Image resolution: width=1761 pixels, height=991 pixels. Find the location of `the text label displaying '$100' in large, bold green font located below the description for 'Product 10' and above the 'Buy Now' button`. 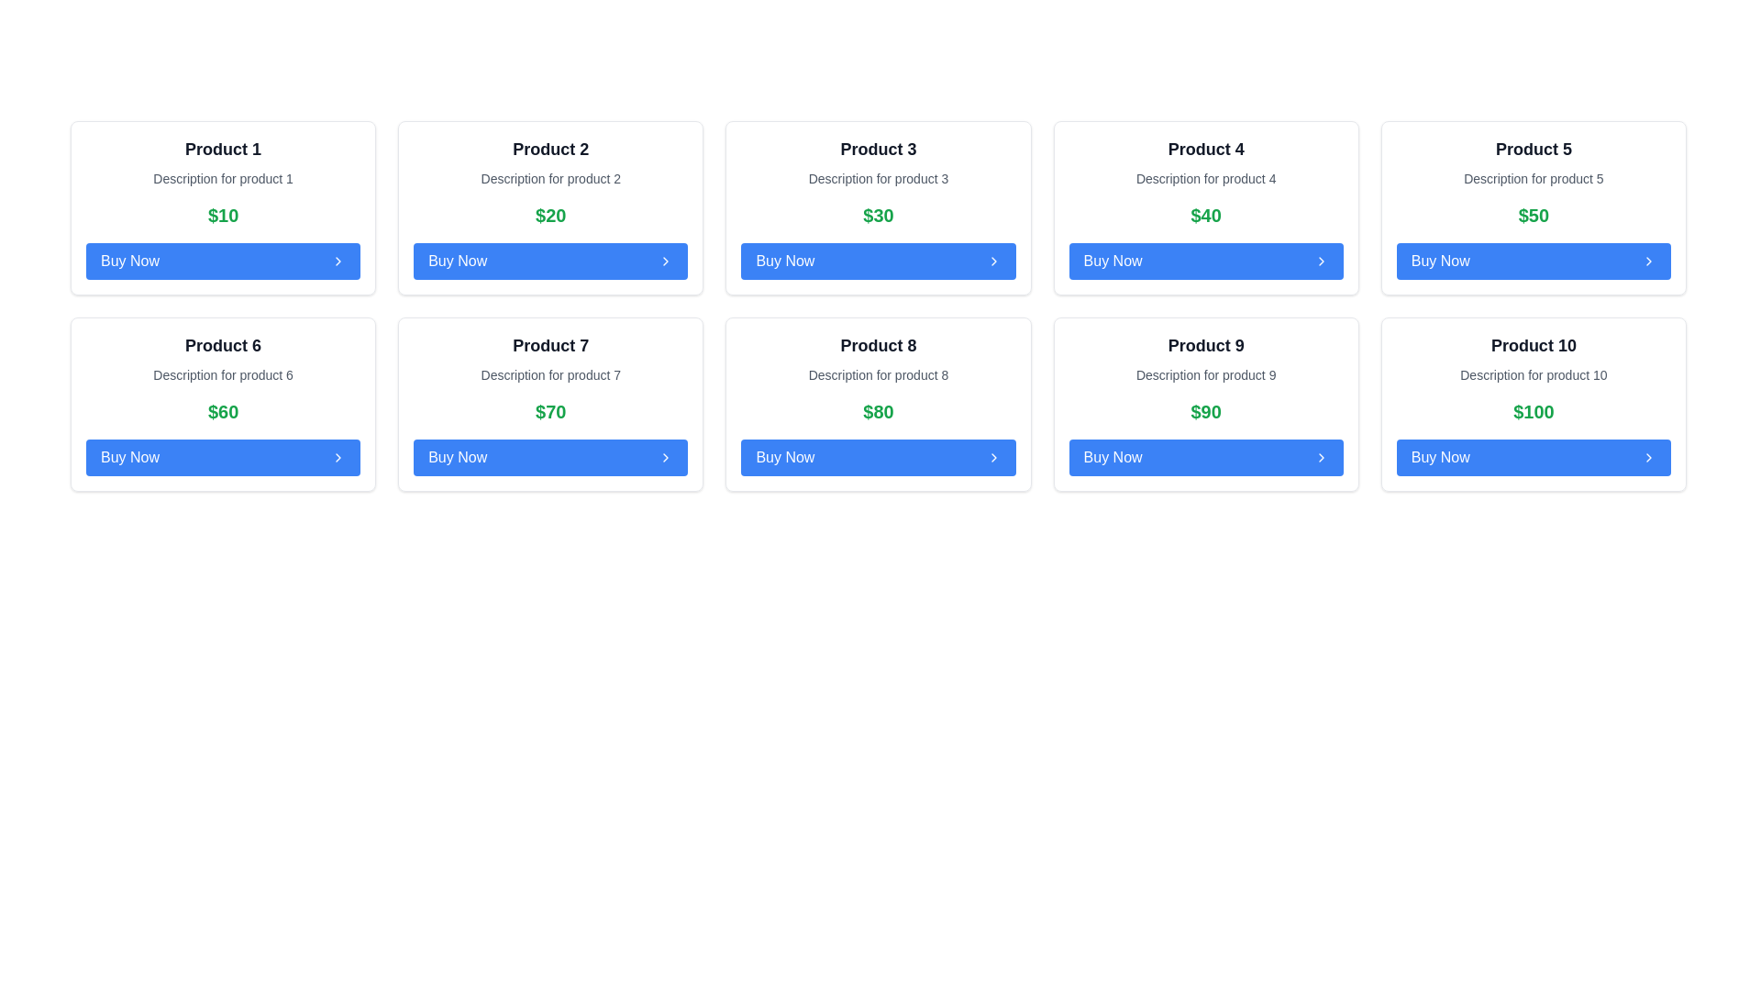

the text label displaying '$100' in large, bold green font located below the description for 'Product 10' and above the 'Buy Now' button is located at coordinates (1534, 410).